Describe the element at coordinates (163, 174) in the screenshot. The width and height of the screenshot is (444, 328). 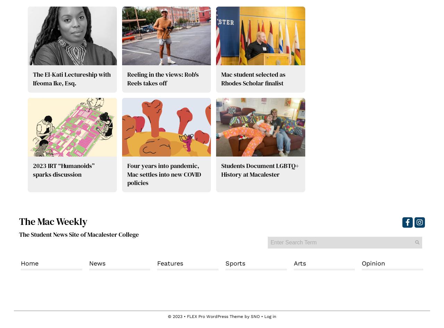
I see `'Four years into pandemic, Mac settles into new COVID policies'` at that location.